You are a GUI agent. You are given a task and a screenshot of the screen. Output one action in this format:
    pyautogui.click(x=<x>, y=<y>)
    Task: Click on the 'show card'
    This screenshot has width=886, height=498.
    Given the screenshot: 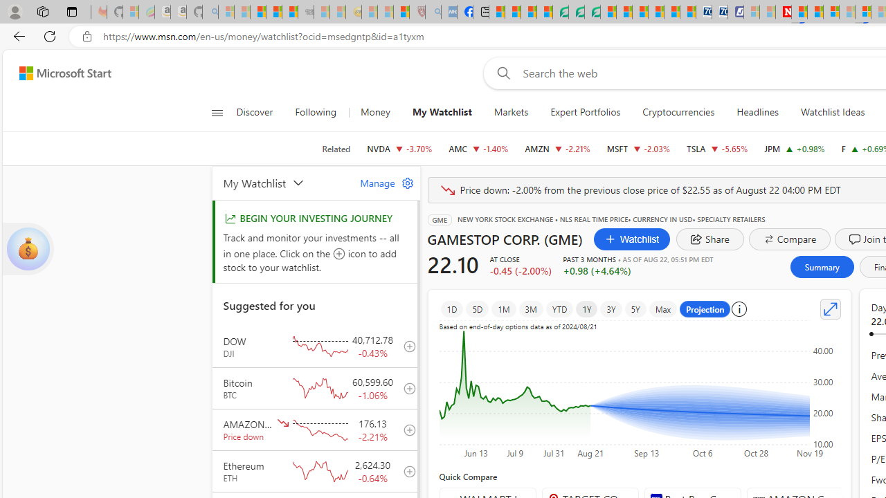 What is the action you would take?
    pyautogui.click(x=28, y=249)
    